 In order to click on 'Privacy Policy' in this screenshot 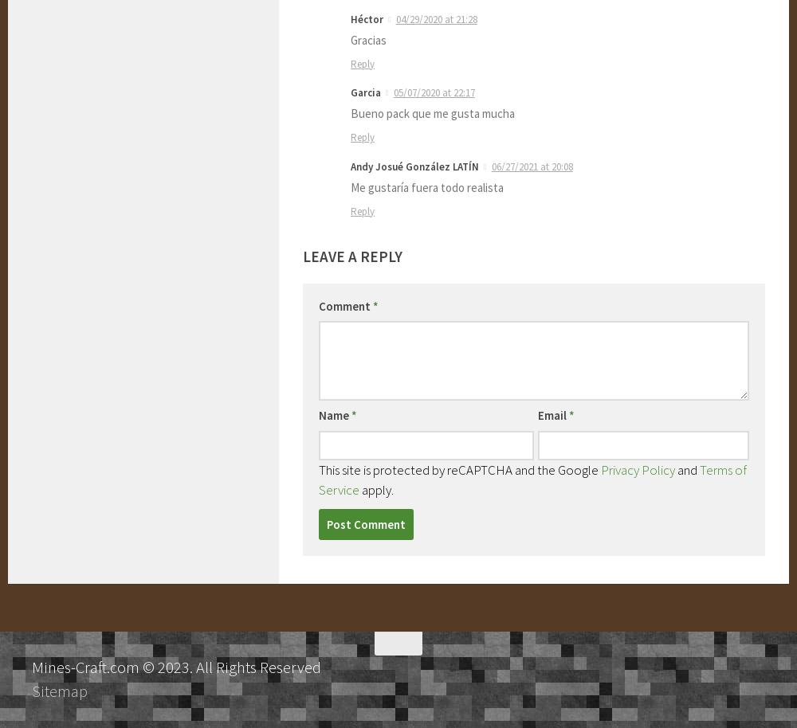, I will do `click(638, 468)`.